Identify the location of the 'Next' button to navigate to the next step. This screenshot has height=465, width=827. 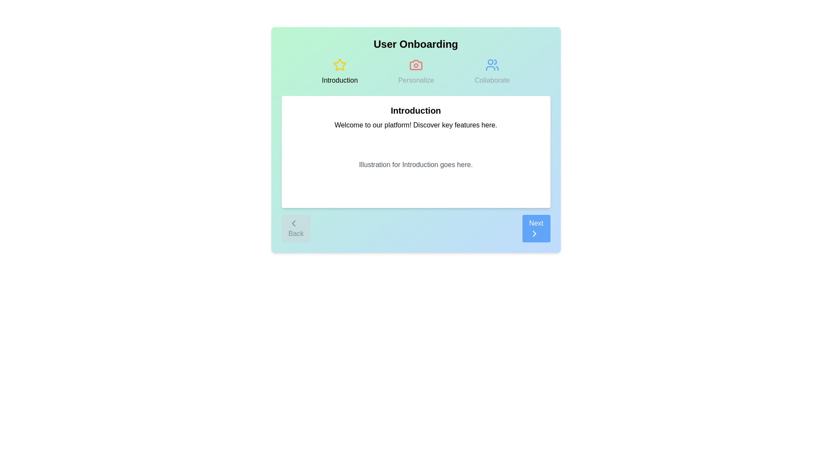
(535, 228).